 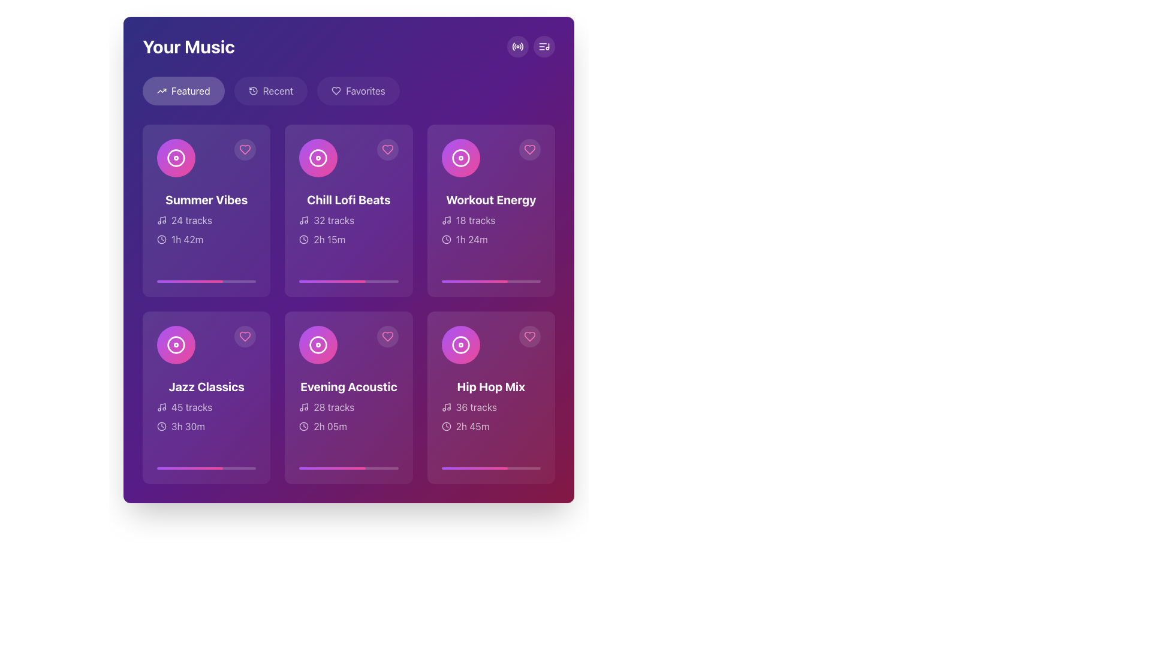 I want to click on the Progress Bar located within the first card of the 'Your Music' grid layout, positioned below the card's title and description, so click(x=189, y=282).